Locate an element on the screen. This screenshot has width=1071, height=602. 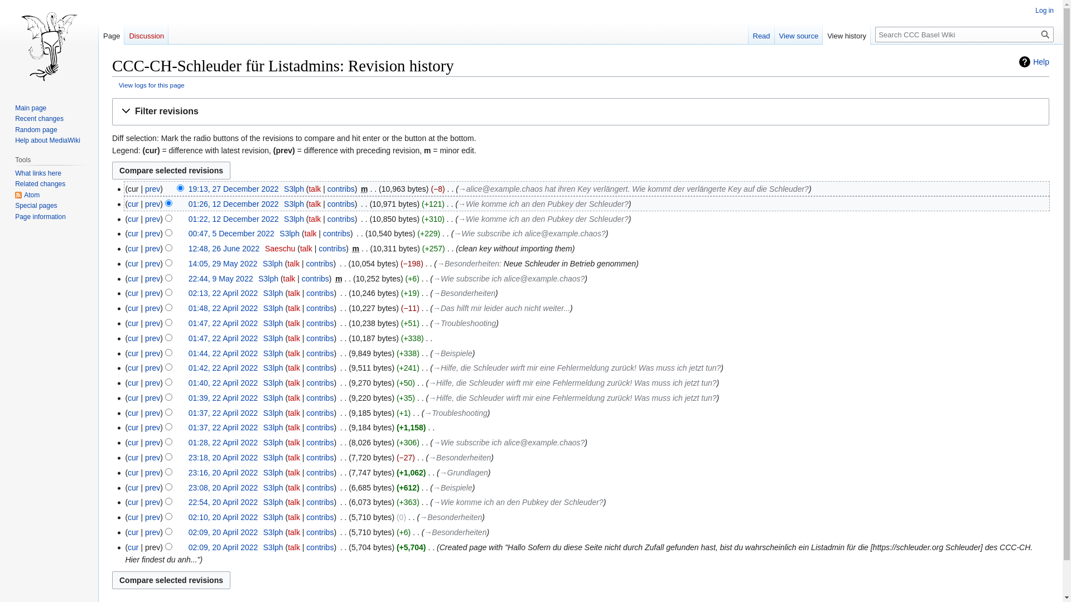
'View source' is located at coordinates (798, 33).